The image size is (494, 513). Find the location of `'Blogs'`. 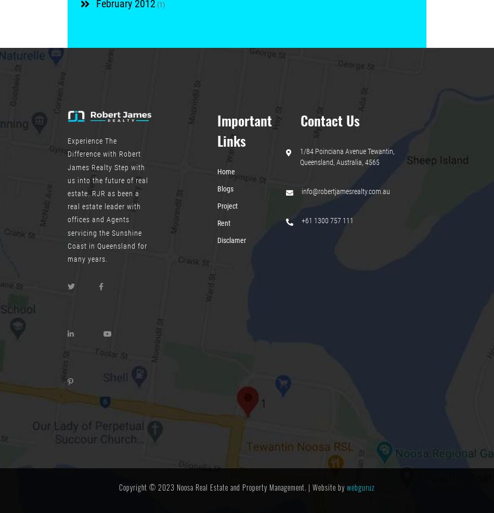

'Blogs' is located at coordinates (217, 187).